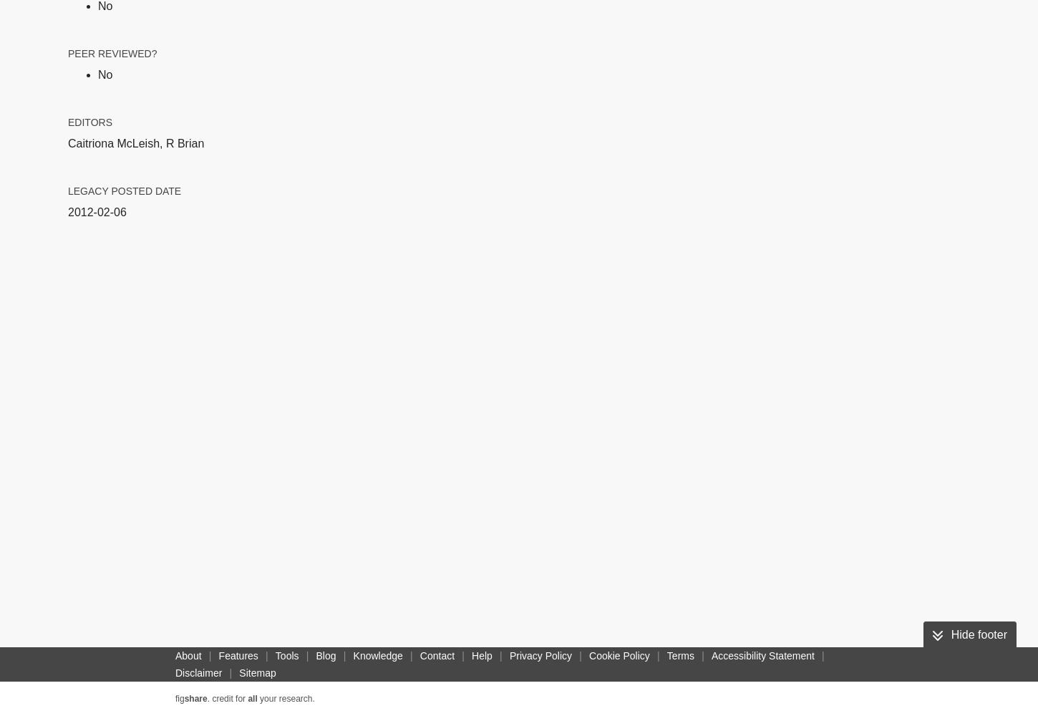 Image resolution: width=1038 pixels, height=716 pixels. What do you see at coordinates (188, 656) in the screenshot?
I see `'About'` at bounding box center [188, 656].